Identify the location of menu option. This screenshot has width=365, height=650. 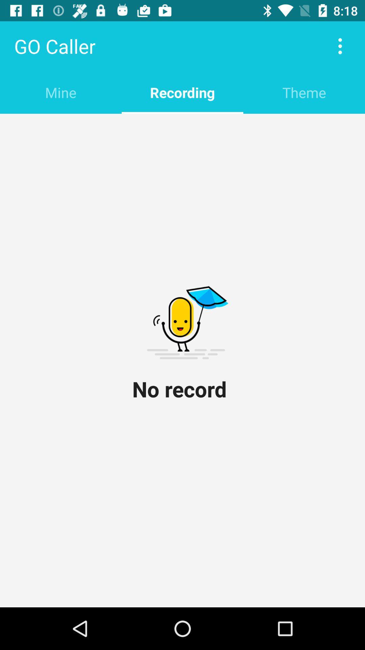
(340, 46).